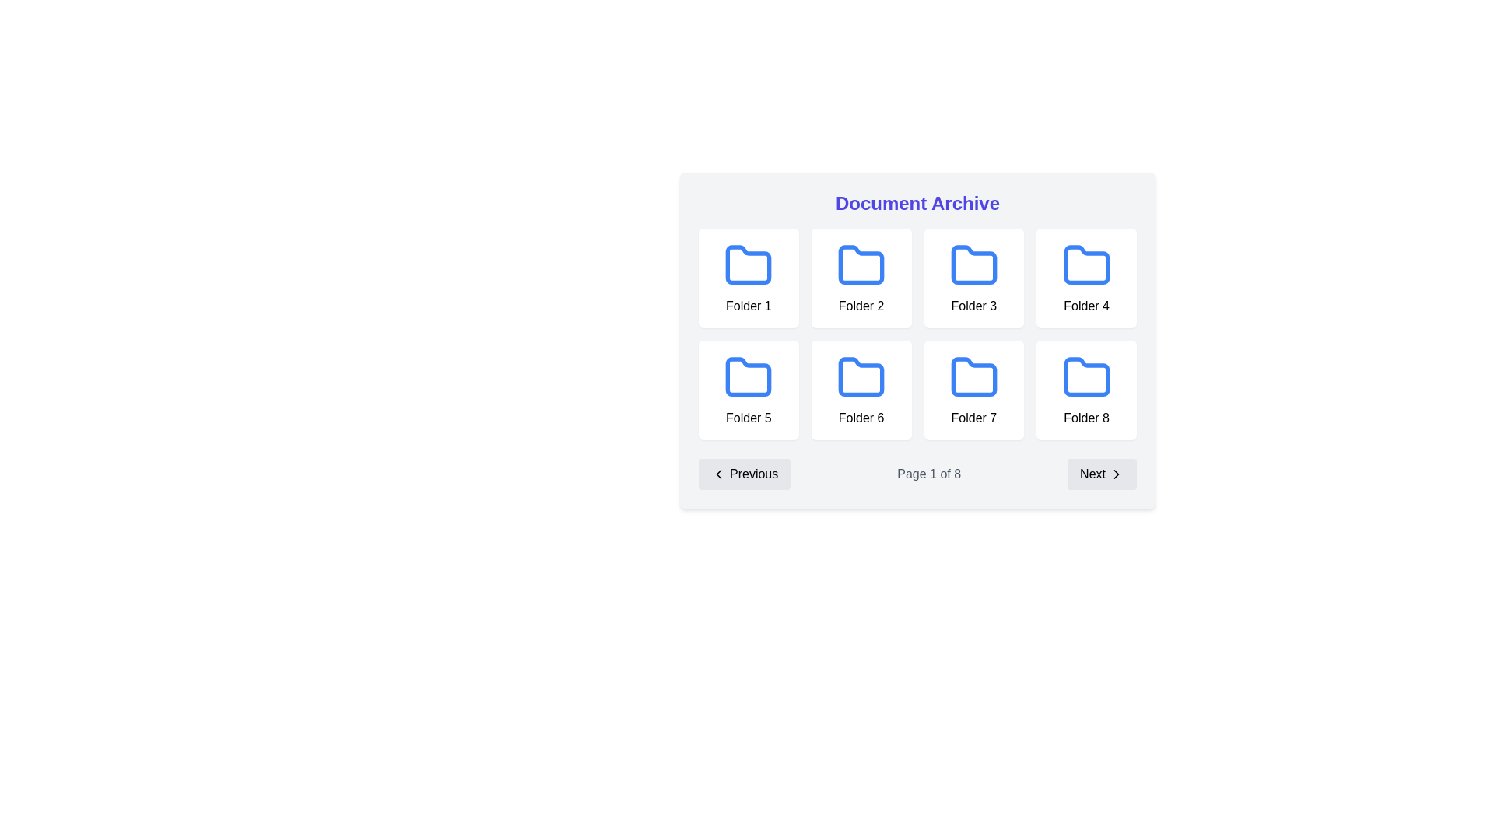 The image size is (1494, 840). What do you see at coordinates (973, 389) in the screenshot?
I see `the 'Folder 7' element, which is a folder icon with a blue outline located in the 'Document Archive' grid, specifically in the bottom row, third column from the left` at bounding box center [973, 389].